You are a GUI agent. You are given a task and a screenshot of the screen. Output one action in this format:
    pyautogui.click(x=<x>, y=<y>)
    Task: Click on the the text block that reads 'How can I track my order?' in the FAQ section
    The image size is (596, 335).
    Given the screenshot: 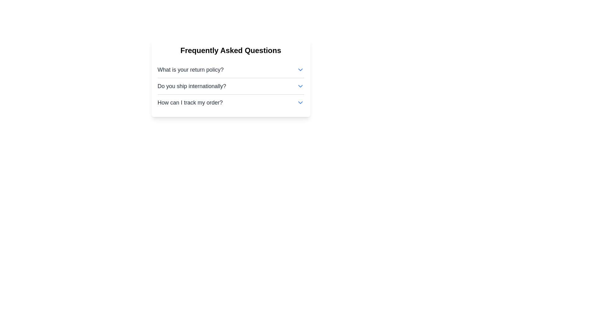 What is the action you would take?
    pyautogui.click(x=190, y=102)
    